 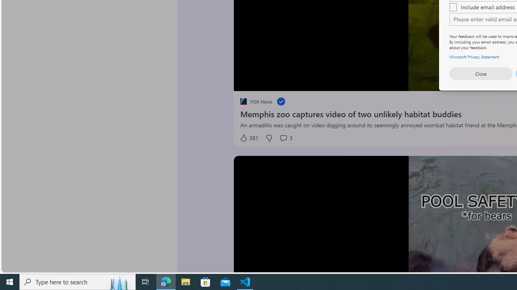 What do you see at coordinates (286, 138) in the screenshot?
I see `'View comments 3 Comment'` at bounding box center [286, 138].